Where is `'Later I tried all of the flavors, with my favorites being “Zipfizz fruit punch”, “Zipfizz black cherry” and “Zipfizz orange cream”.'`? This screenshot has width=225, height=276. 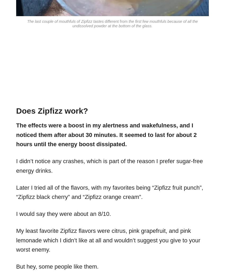 'Later I tried all of the flavors, with my favorites being “Zipfizz fruit punch”, “Zipfizz black cherry” and “Zipfizz orange cream”.' is located at coordinates (110, 192).